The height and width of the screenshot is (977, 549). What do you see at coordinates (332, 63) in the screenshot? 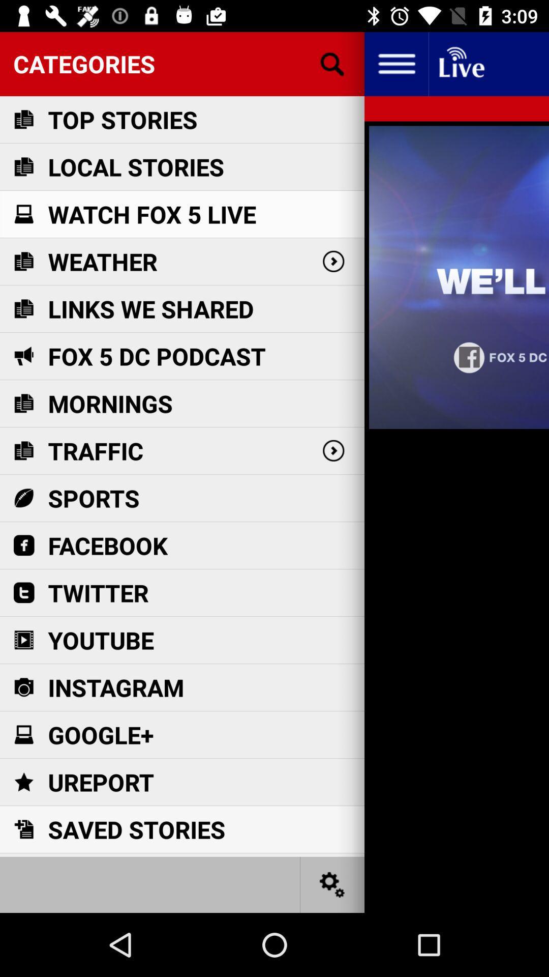
I see `make searching on categories` at bounding box center [332, 63].